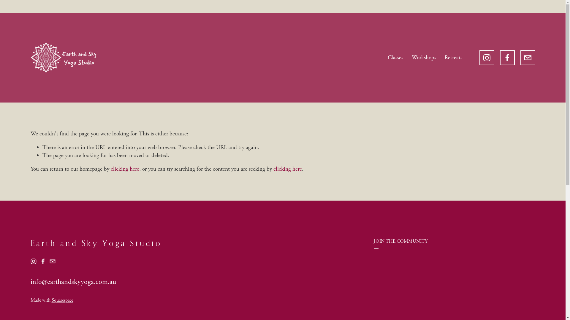 This screenshot has height=320, width=570. I want to click on 'Workshops', so click(424, 58).